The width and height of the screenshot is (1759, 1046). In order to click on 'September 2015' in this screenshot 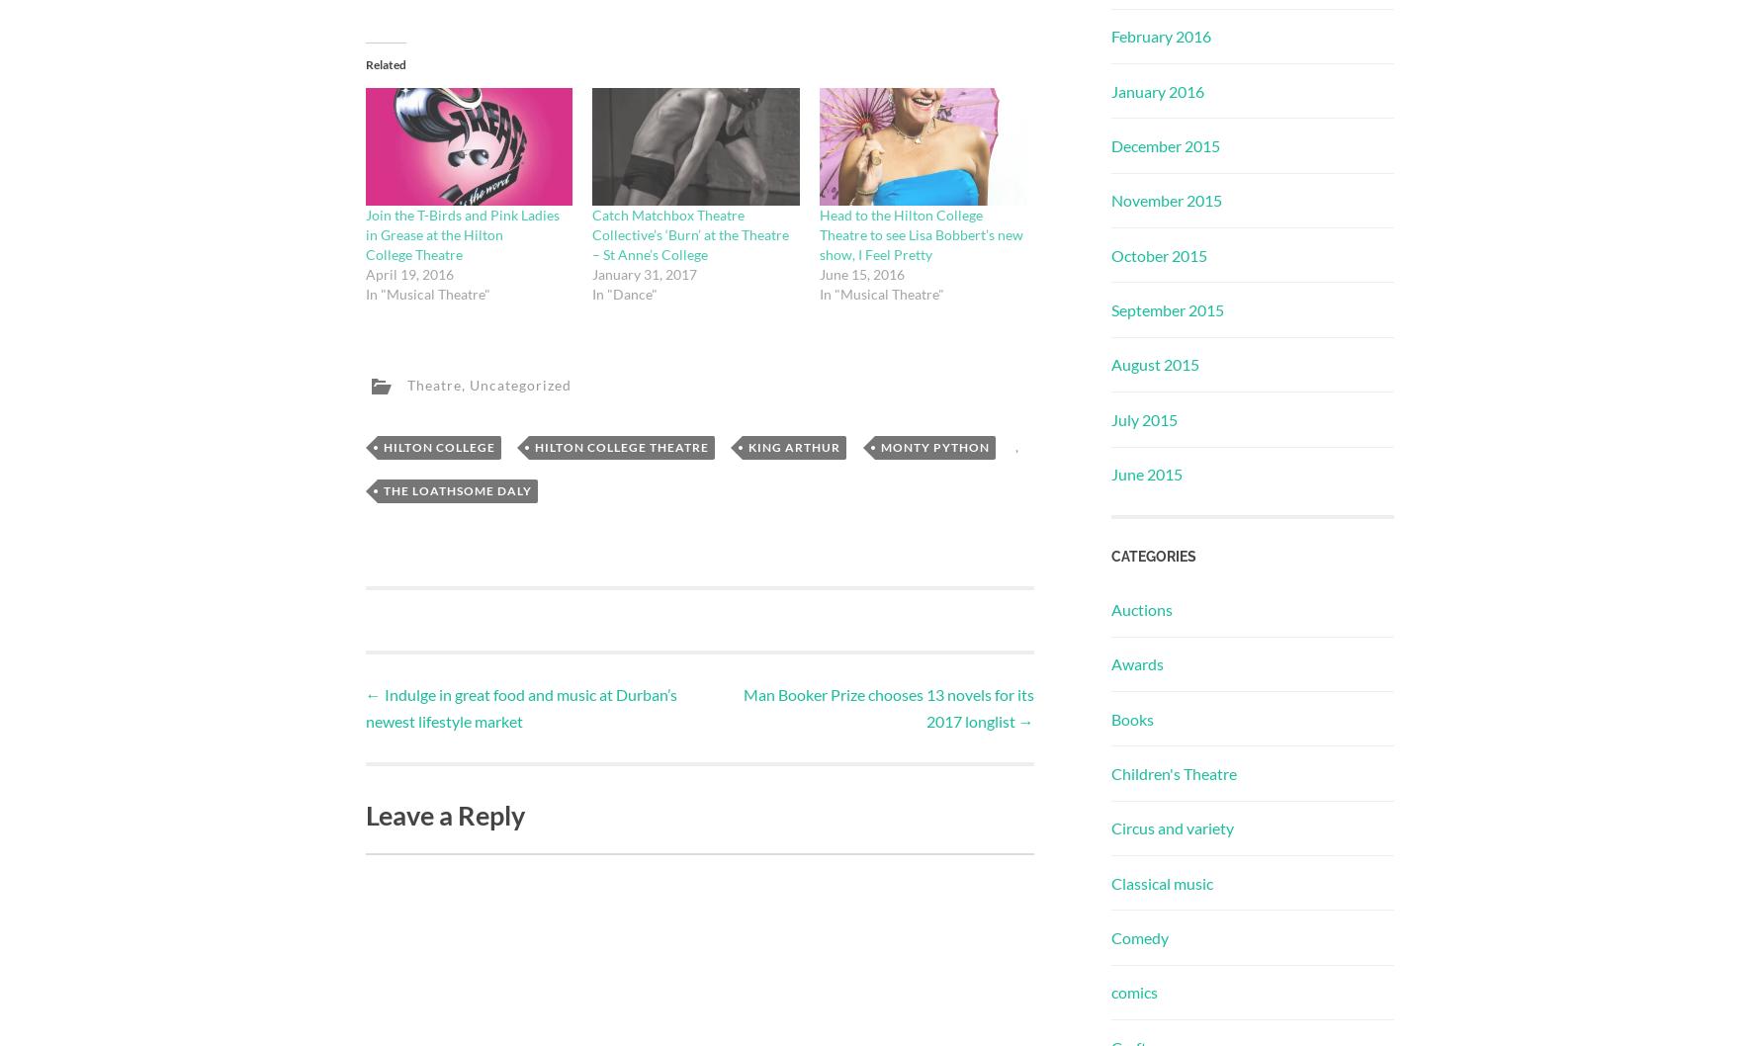, I will do `click(1166, 308)`.